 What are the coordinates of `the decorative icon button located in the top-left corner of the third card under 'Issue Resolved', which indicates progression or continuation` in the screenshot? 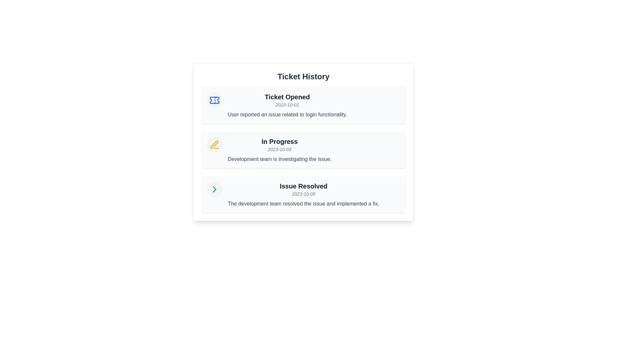 It's located at (214, 189).